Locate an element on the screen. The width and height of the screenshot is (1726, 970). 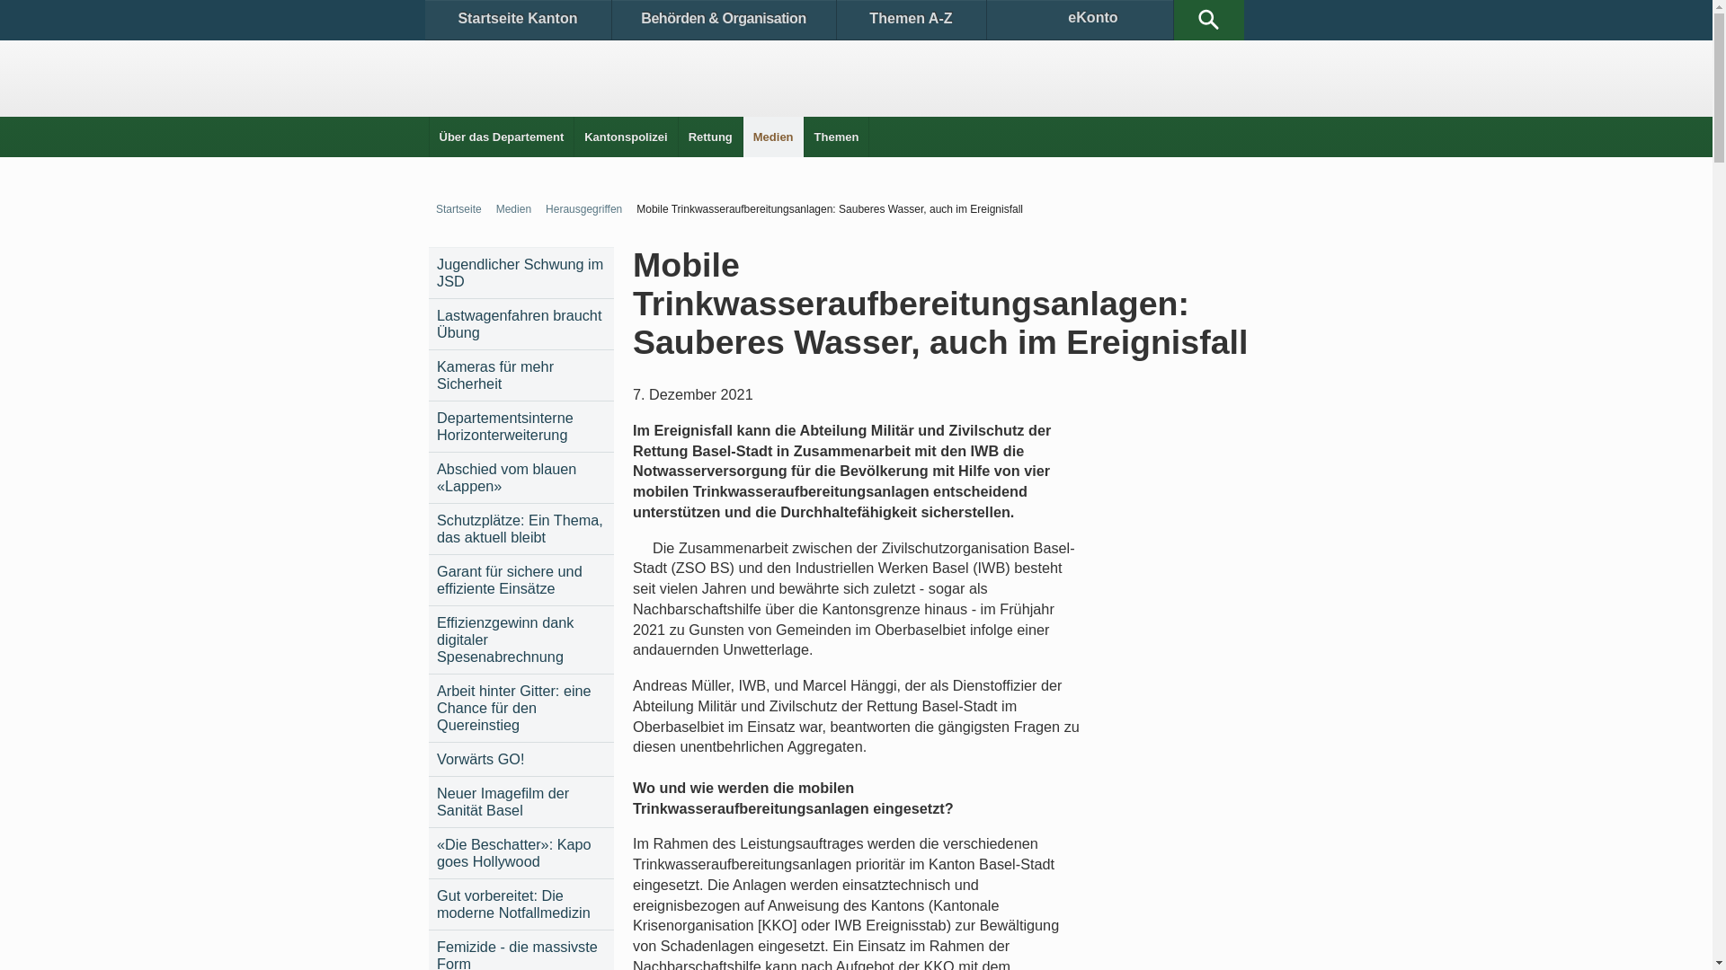
'Medienclips' is located at coordinates (683, 55).